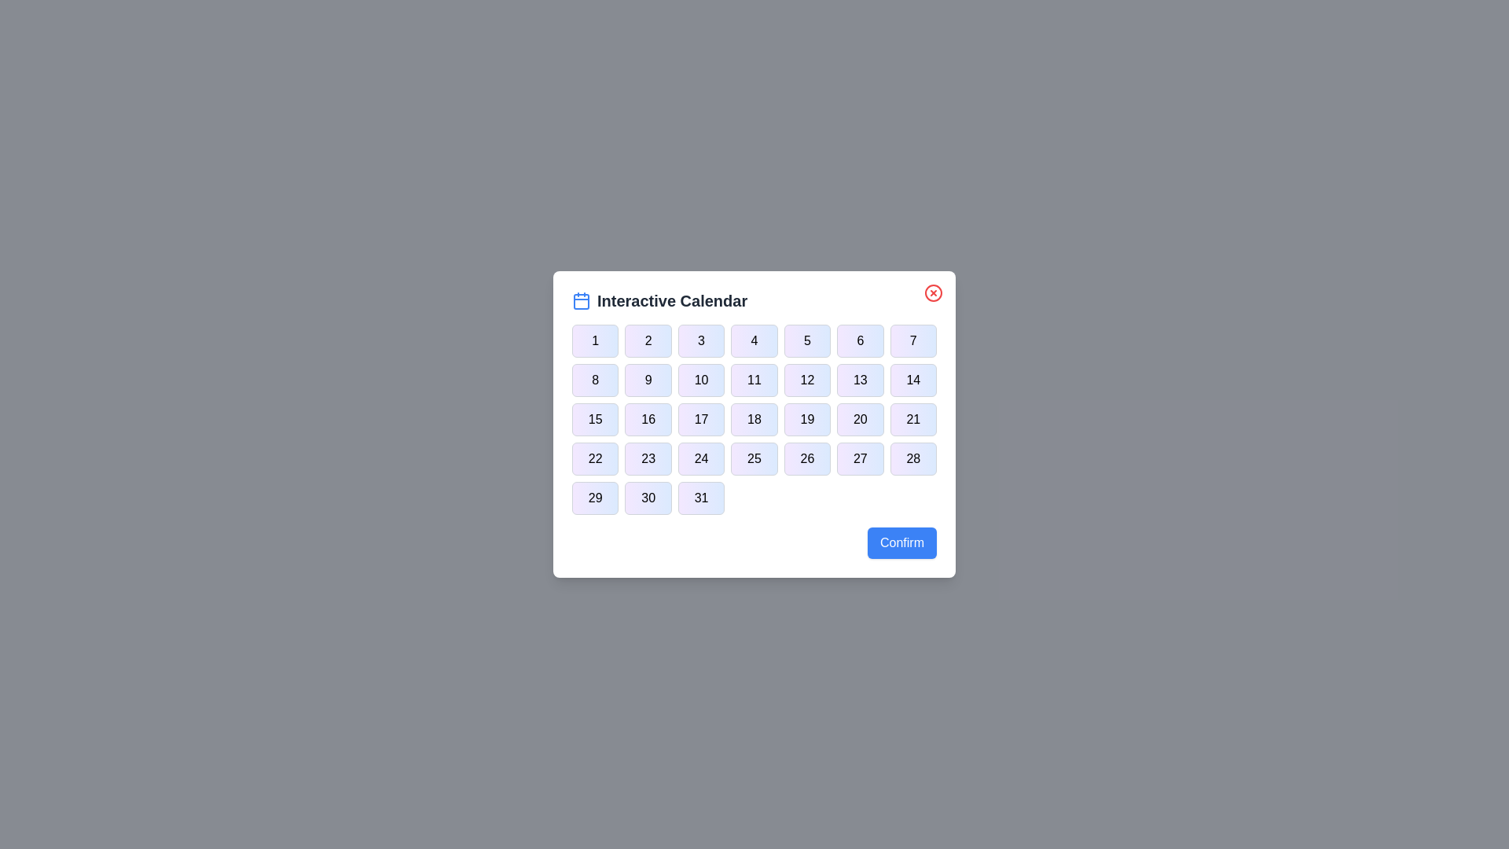 This screenshot has height=849, width=1509. What do you see at coordinates (807, 380) in the screenshot?
I see `the button corresponding to day 12 in the calendar` at bounding box center [807, 380].